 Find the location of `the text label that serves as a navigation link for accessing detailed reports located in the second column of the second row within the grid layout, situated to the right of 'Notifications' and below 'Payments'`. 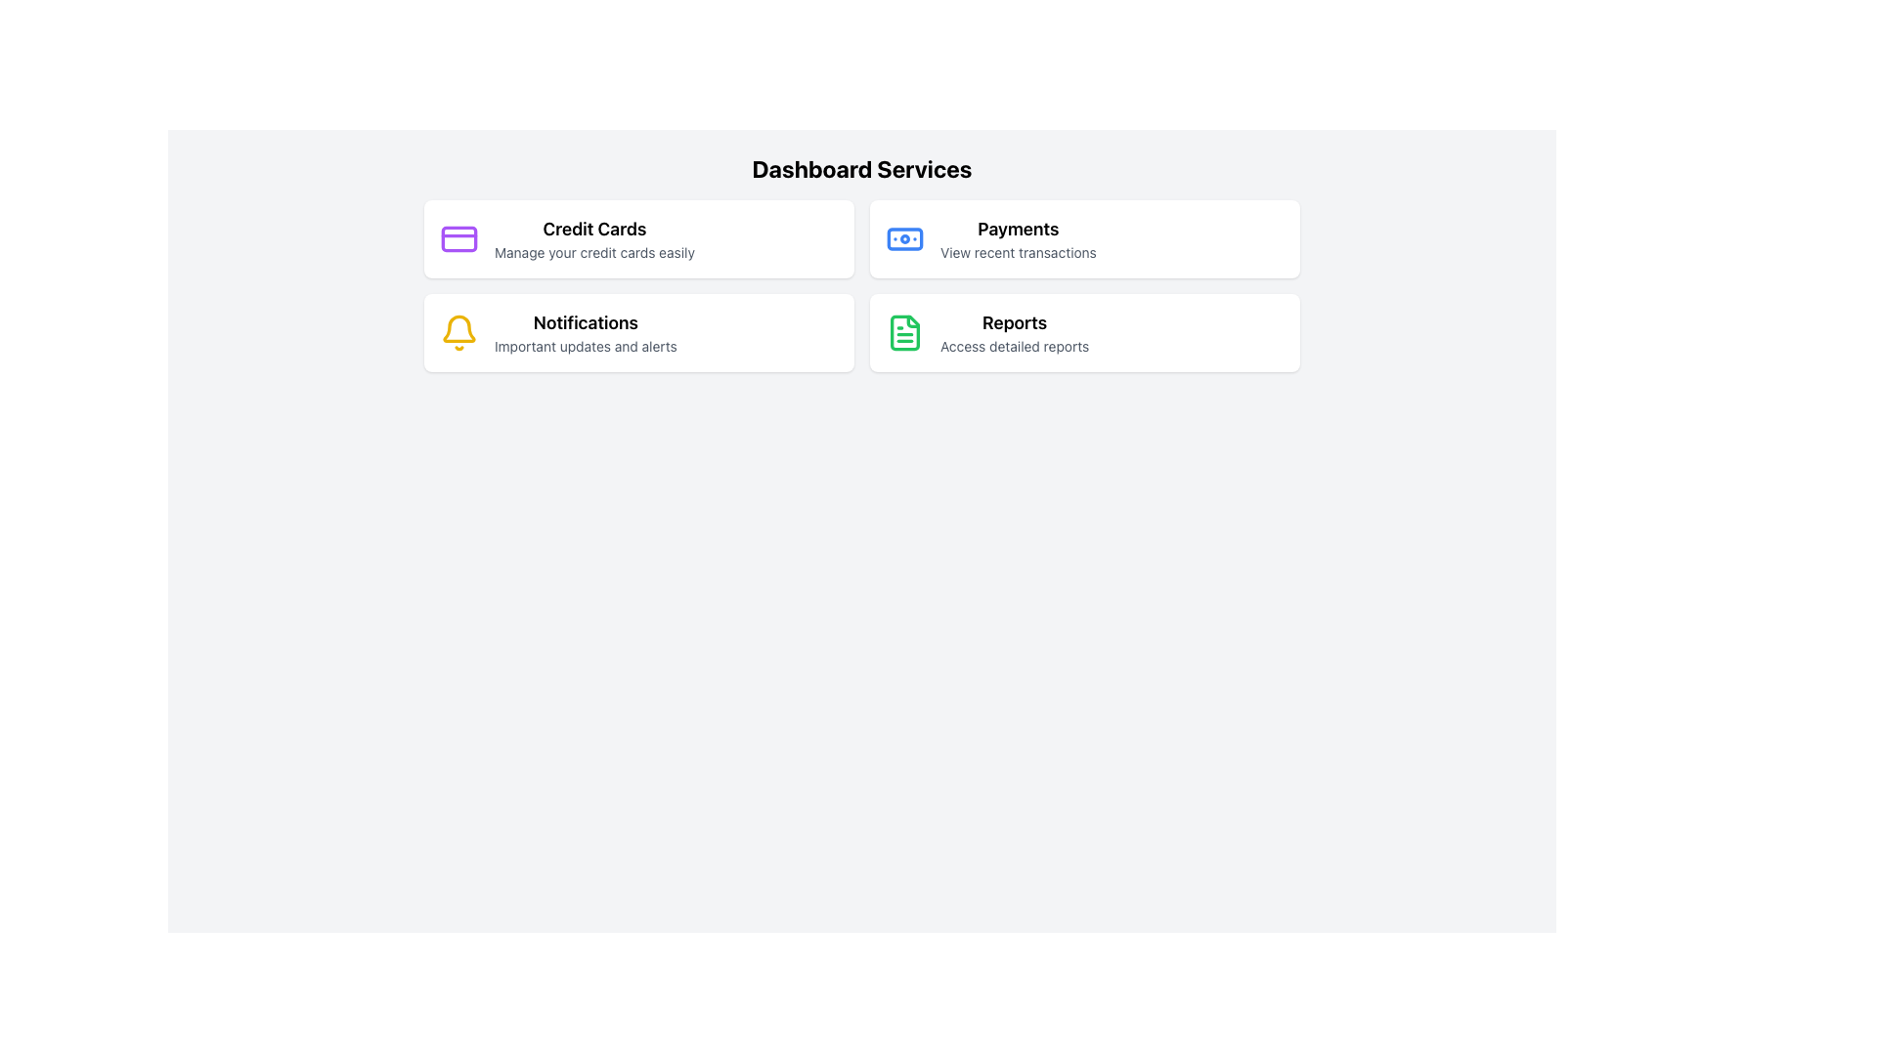

the text label that serves as a navigation link for accessing detailed reports located in the second column of the second row within the grid layout, situated to the right of 'Notifications' and below 'Payments' is located at coordinates (1015, 331).